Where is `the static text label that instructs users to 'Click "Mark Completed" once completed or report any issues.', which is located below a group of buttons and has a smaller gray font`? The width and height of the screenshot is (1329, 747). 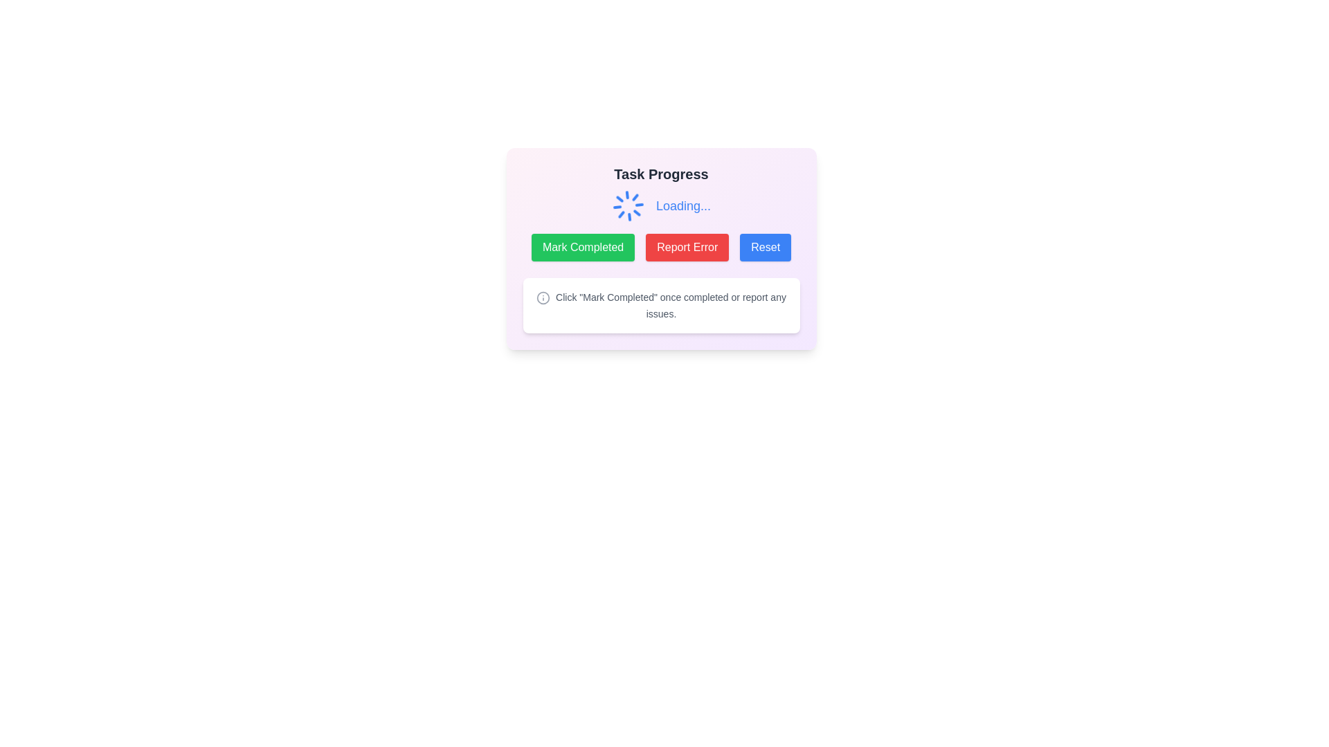
the static text label that instructs users to 'Click "Mark Completed" once completed or report any issues.', which is located below a group of buttons and has a smaller gray font is located at coordinates (671, 305).